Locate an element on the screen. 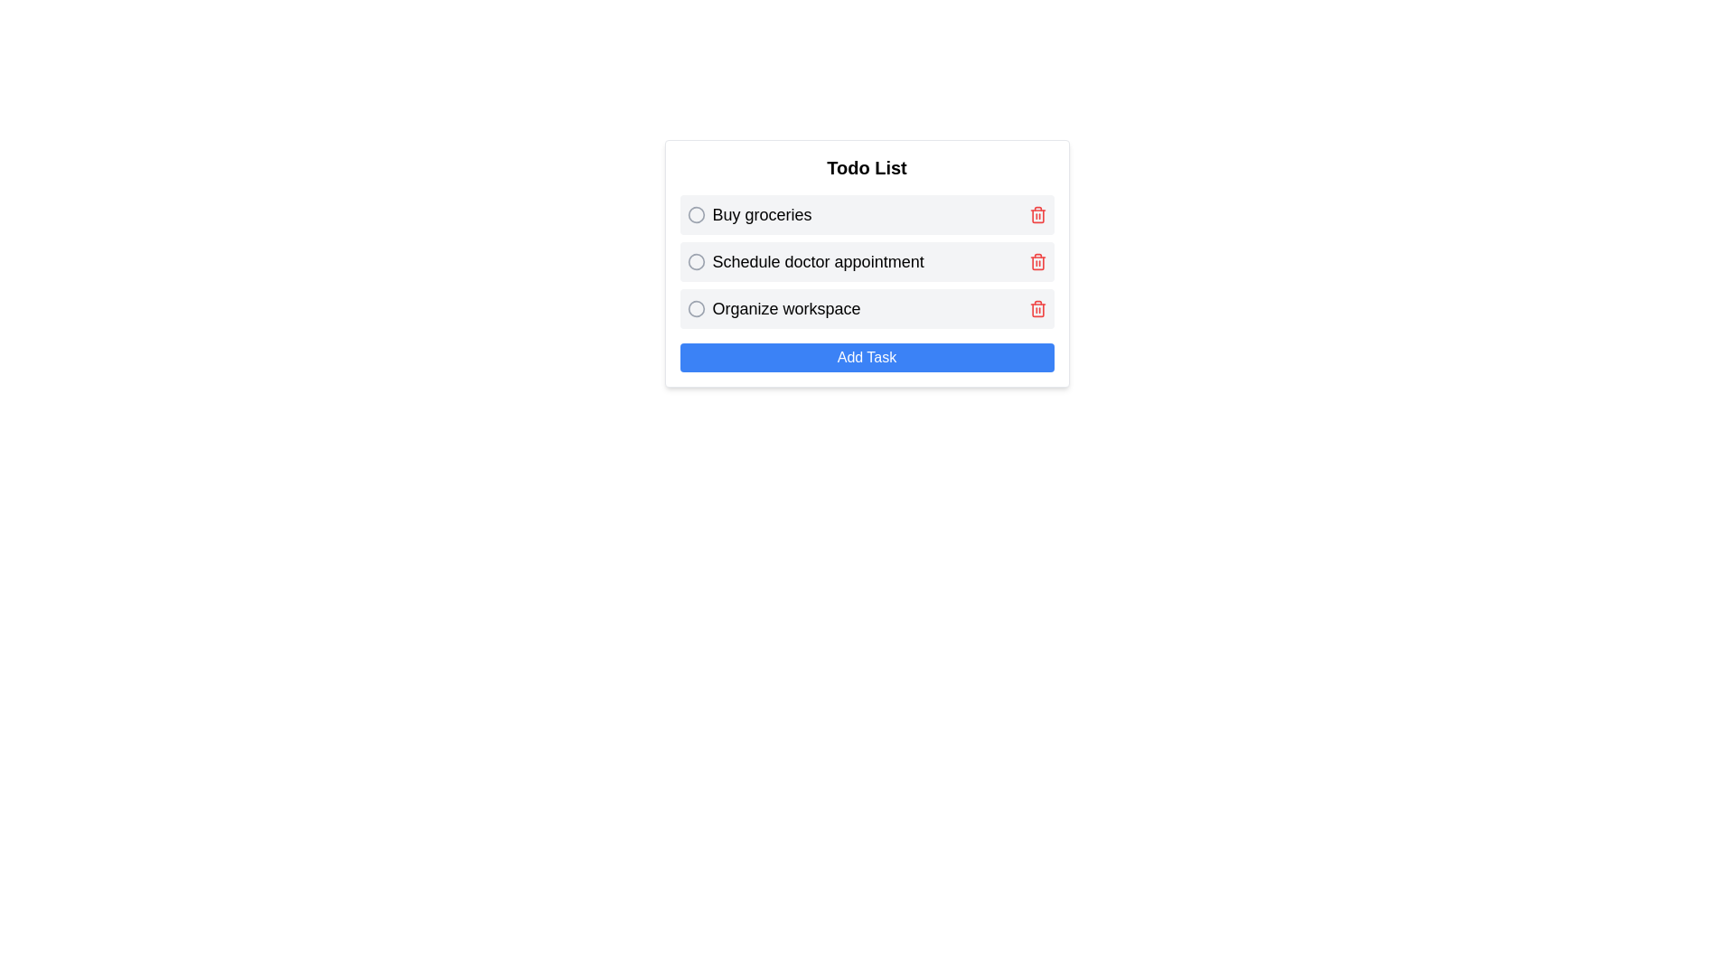 The height and width of the screenshot is (976, 1735). the circular checkbox of the topmost task item labeled 'Buy groceries' in the to-do list to mark it as complete is located at coordinates (866, 214).